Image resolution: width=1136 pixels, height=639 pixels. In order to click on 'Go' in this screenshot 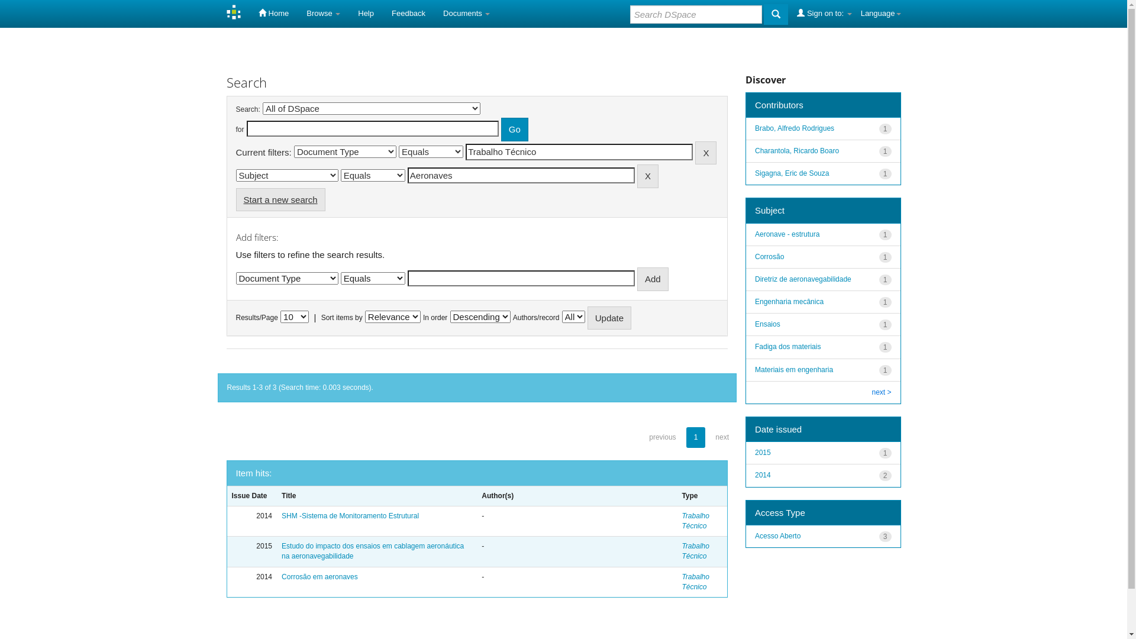, I will do `click(514, 129)`.